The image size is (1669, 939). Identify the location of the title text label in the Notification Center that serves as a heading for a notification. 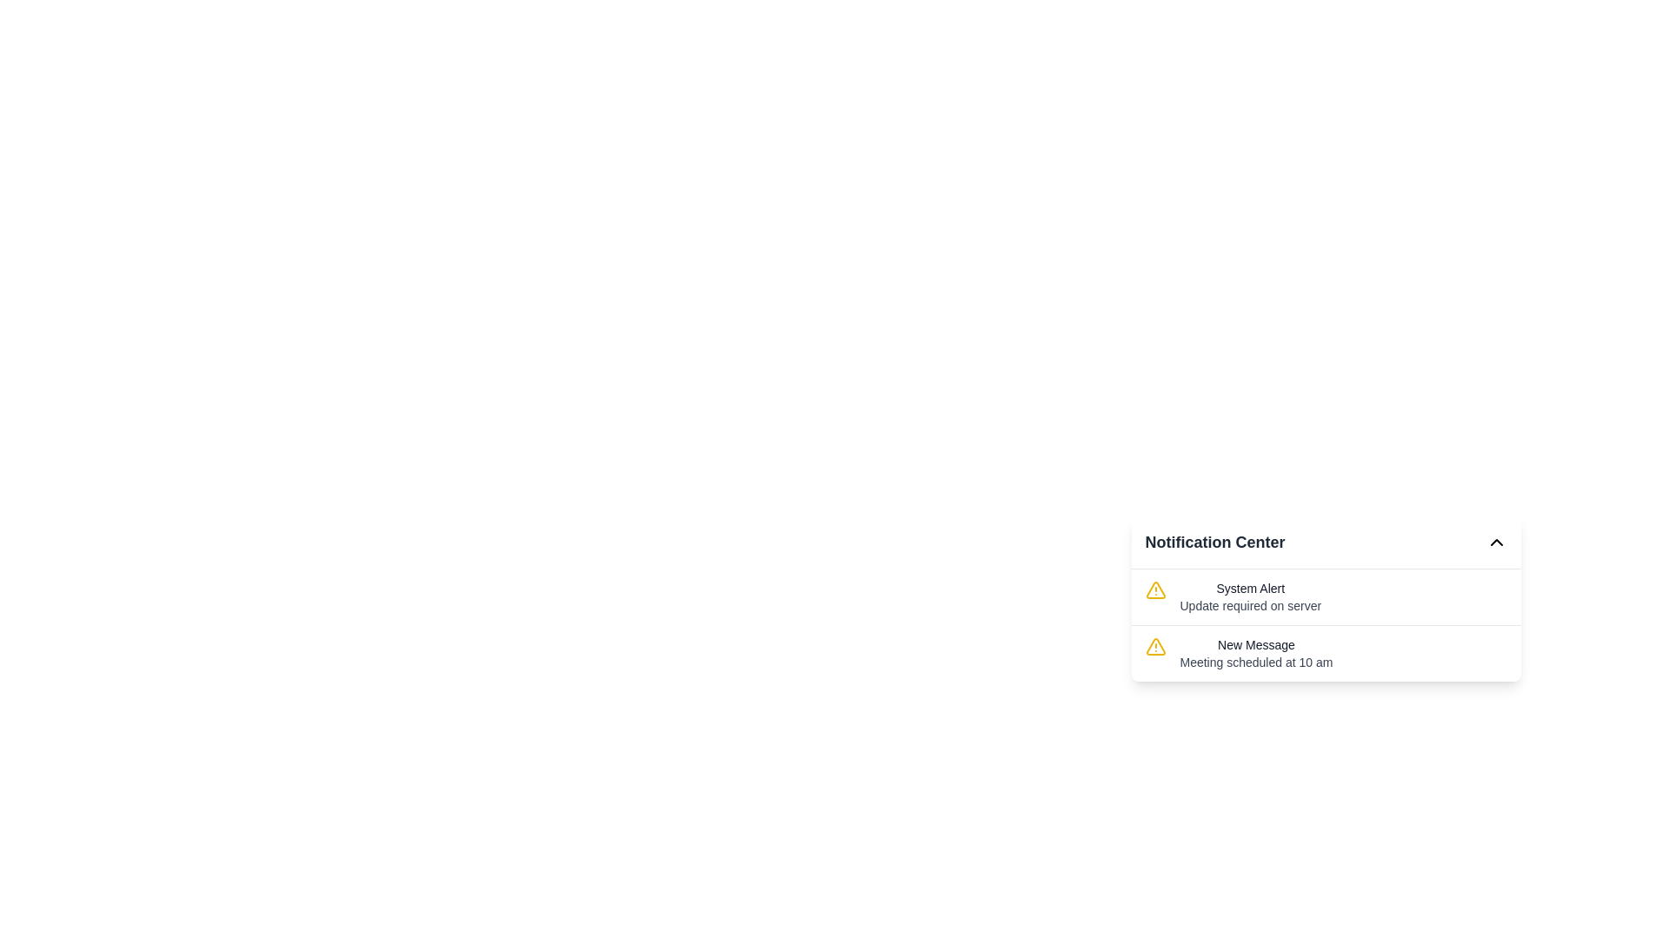
(1249, 588).